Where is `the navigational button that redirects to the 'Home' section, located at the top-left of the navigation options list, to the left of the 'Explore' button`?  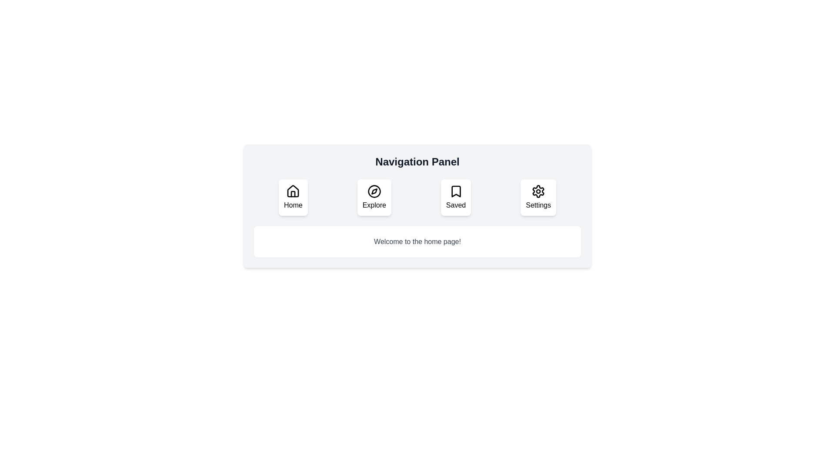 the navigational button that redirects to the 'Home' section, located at the top-left of the navigation options list, to the left of the 'Explore' button is located at coordinates (293, 198).